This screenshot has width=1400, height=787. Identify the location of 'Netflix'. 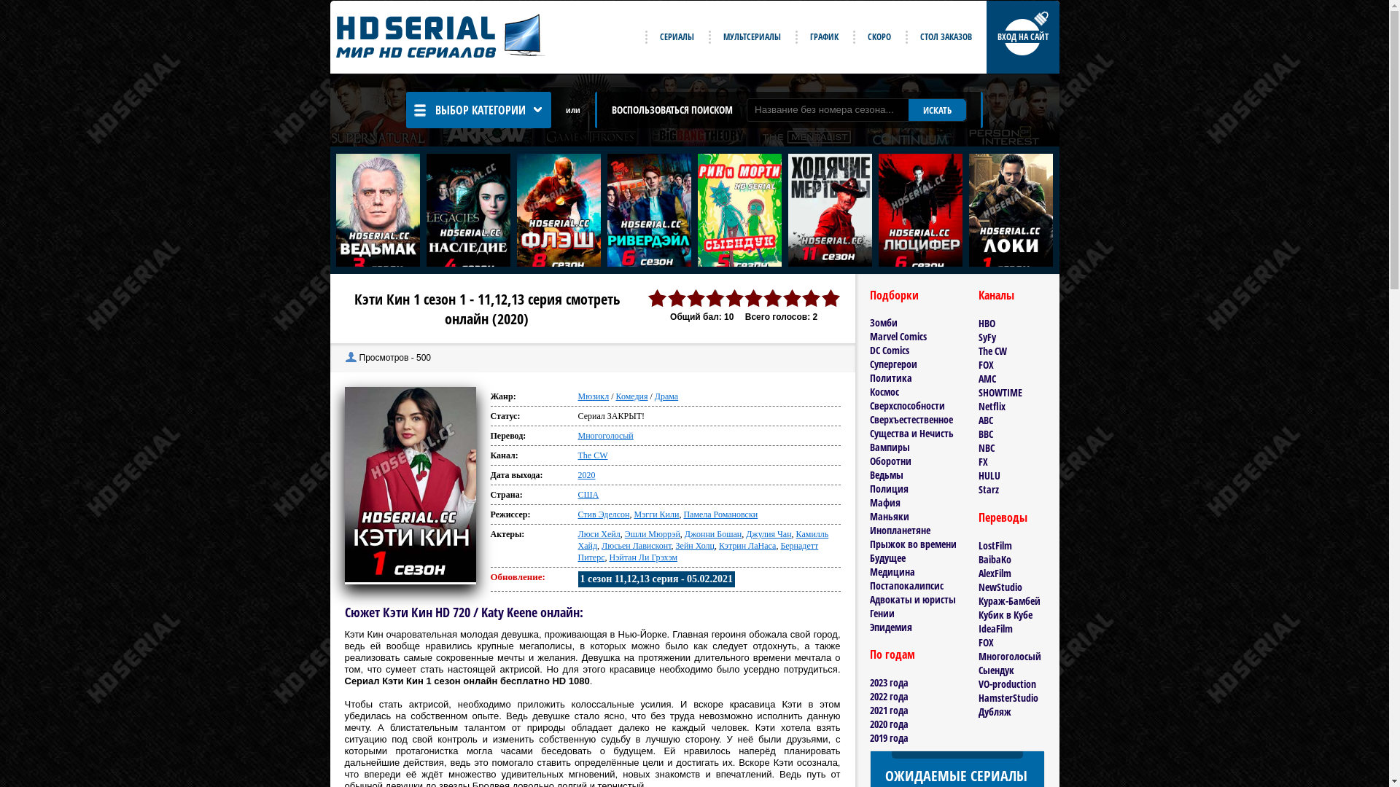
(992, 406).